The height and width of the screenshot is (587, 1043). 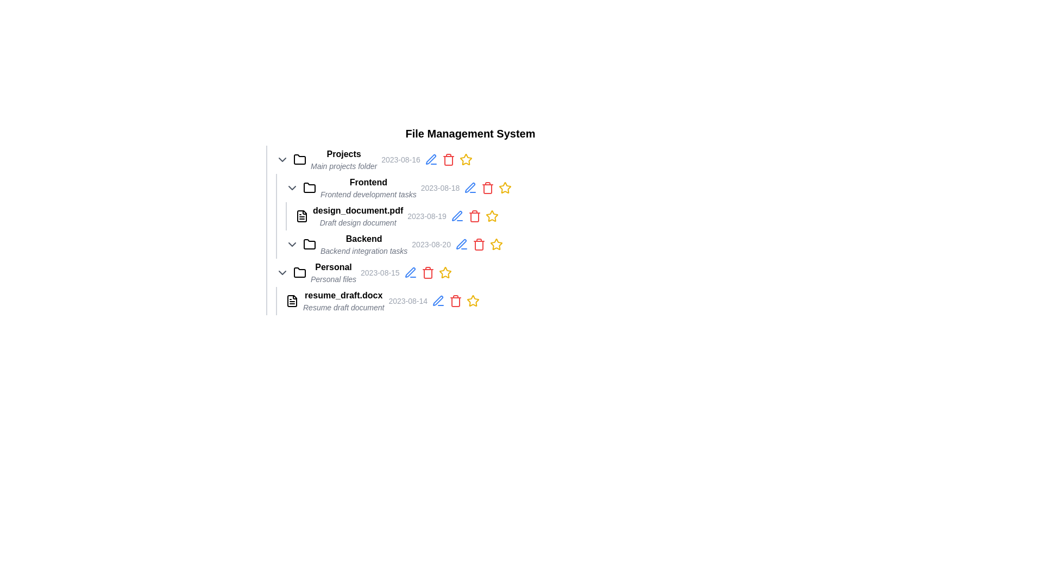 What do you see at coordinates (309, 245) in the screenshot?
I see `the folder icon located to the left of the text 'Backend'` at bounding box center [309, 245].